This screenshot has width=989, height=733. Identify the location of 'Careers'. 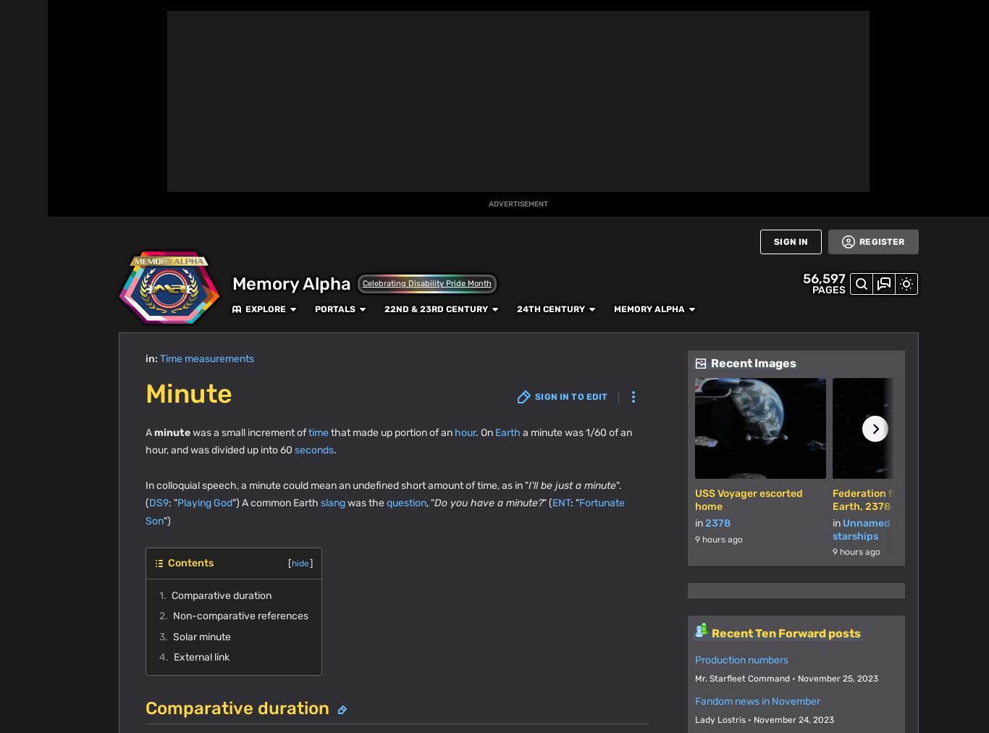
(361, 652).